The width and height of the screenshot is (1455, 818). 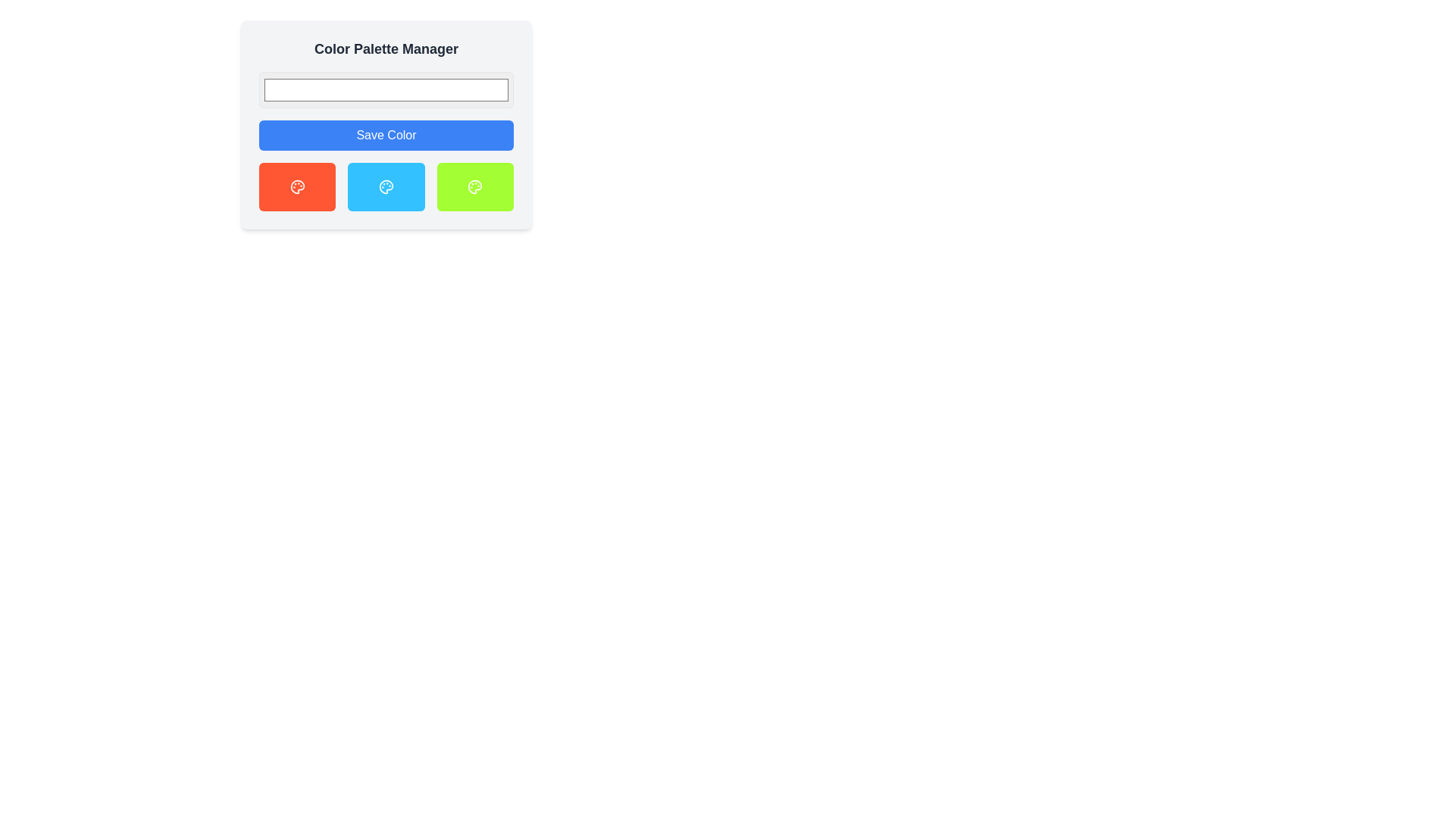 What do you see at coordinates (386, 134) in the screenshot?
I see `the 'Save Color' button, which is a medium-sized button with rounded corners, a blue background, and white bold text, located in the 'Color Palette Manager' section` at bounding box center [386, 134].